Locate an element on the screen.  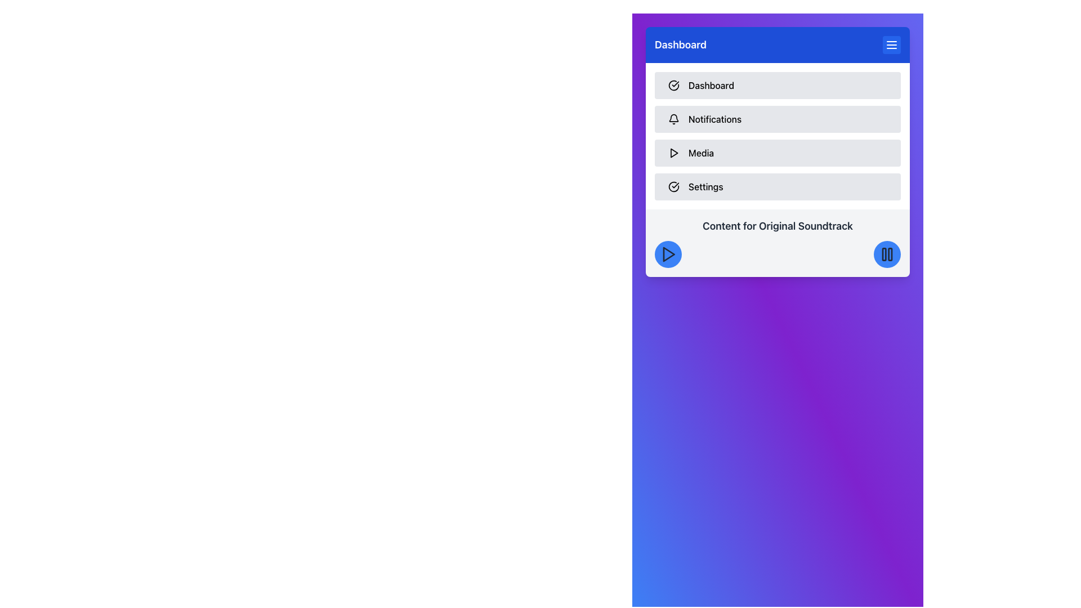
visual design of the rounded check mark icon located in the top-left section of the interface, next to the 'Dashboard' label is located at coordinates (673, 84).